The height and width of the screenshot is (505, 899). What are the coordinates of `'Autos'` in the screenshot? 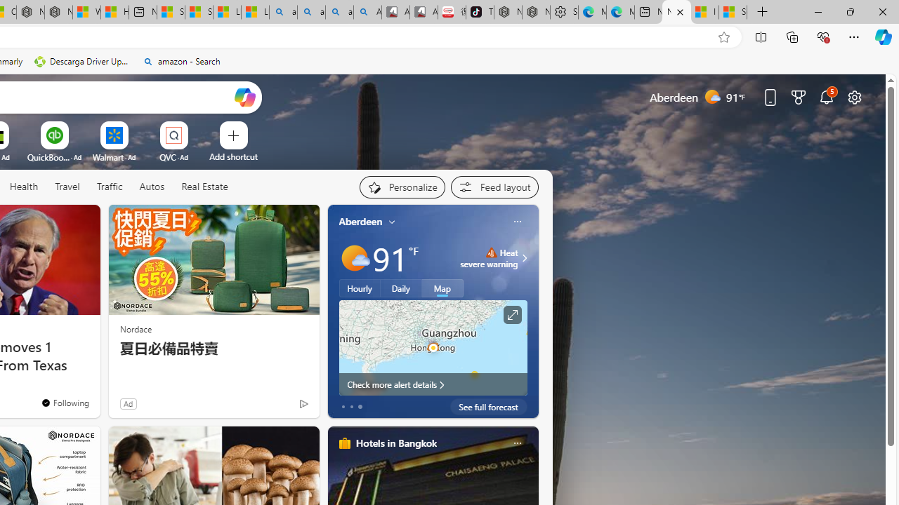 It's located at (152, 186).